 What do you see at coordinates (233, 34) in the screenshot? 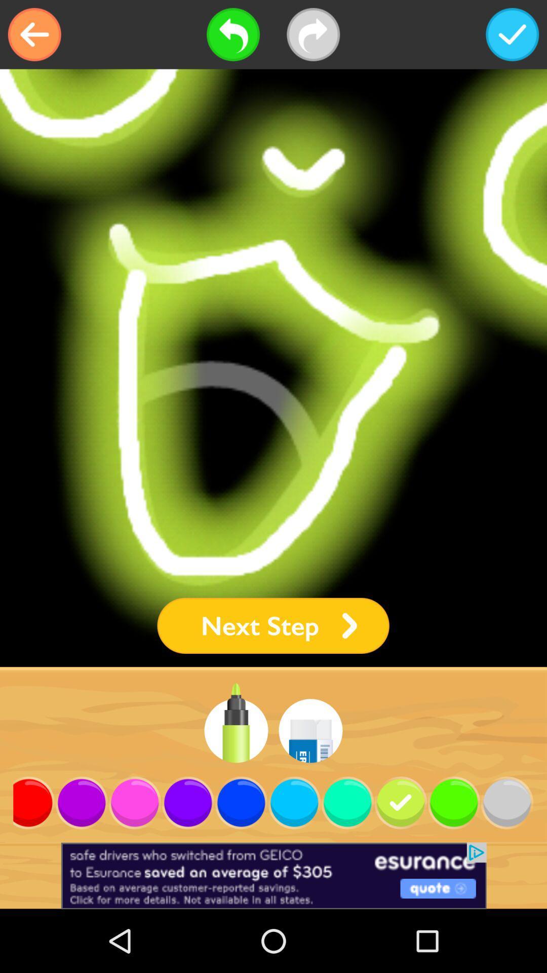
I see `go back` at bounding box center [233, 34].